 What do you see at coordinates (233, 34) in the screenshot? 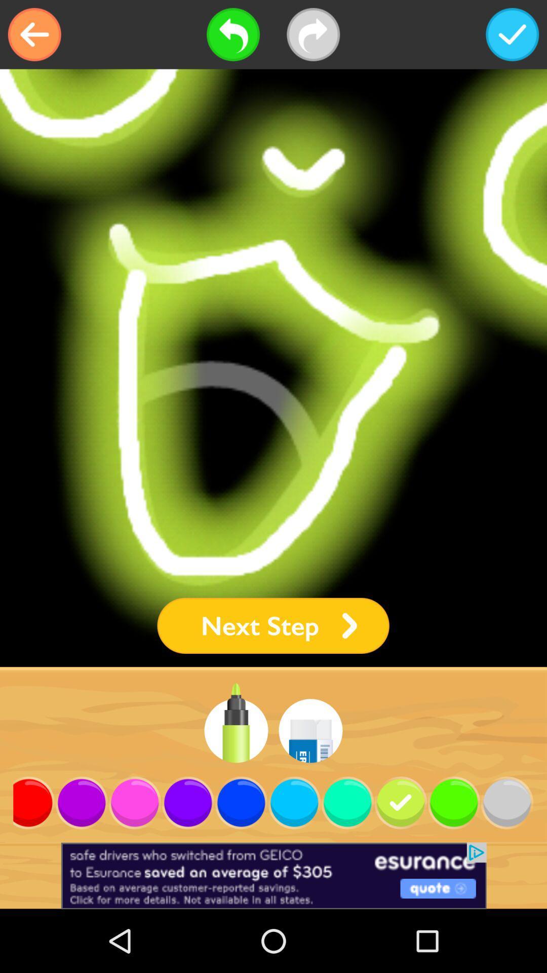
I see `go back` at bounding box center [233, 34].